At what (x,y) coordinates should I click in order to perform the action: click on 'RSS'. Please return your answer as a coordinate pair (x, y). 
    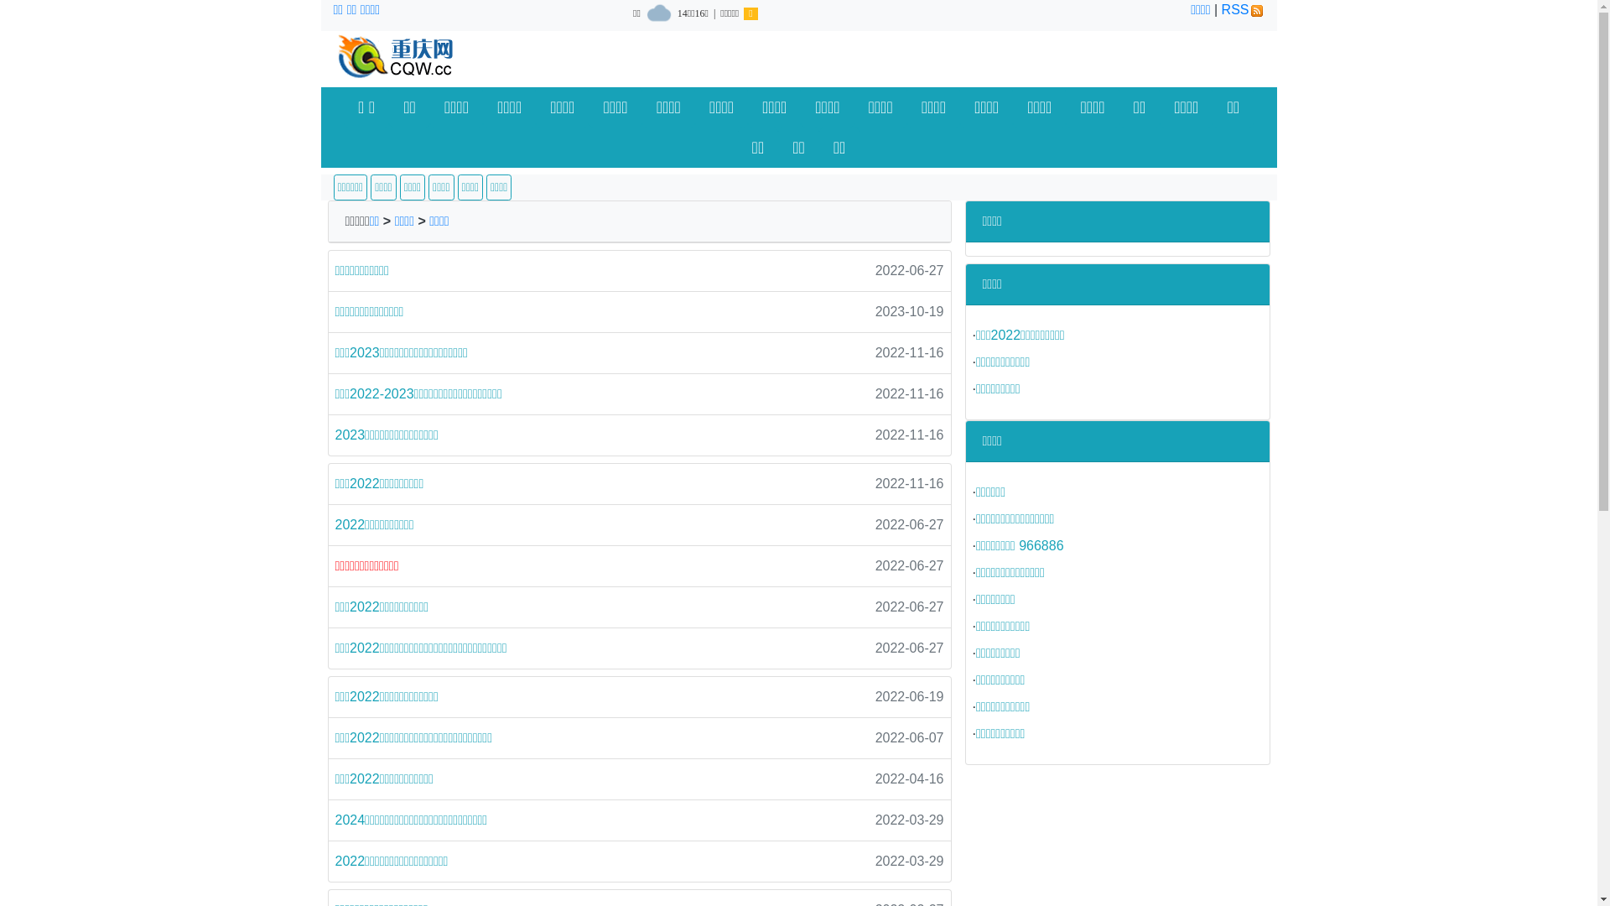
    Looking at the image, I should click on (1243, 9).